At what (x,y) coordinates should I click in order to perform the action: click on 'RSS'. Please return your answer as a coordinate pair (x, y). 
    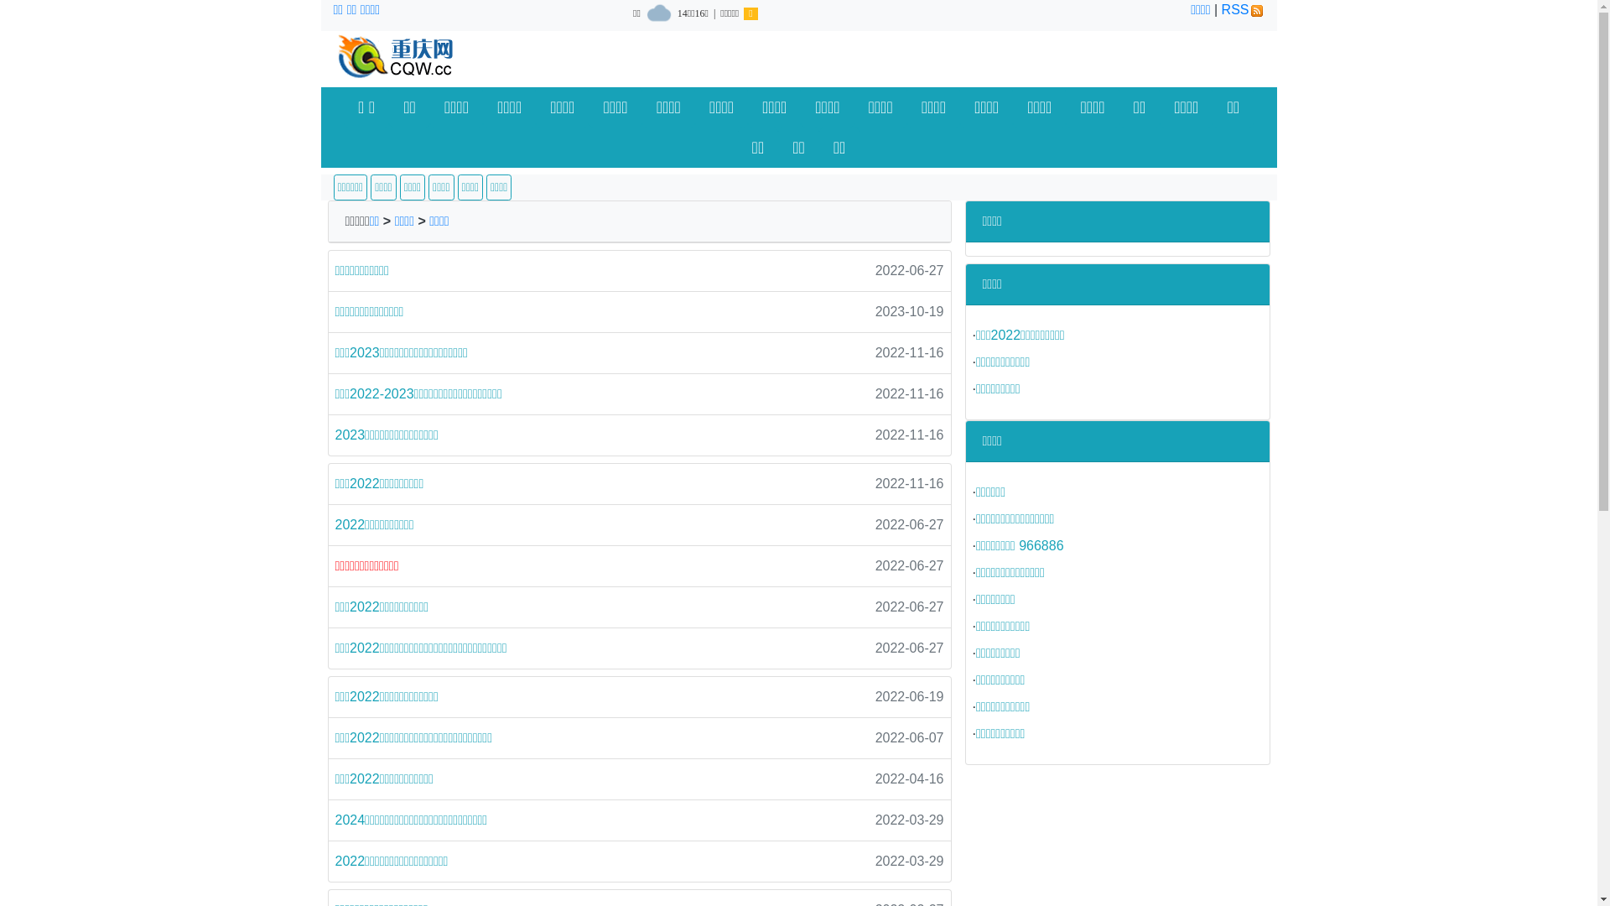
    Looking at the image, I should click on (1243, 9).